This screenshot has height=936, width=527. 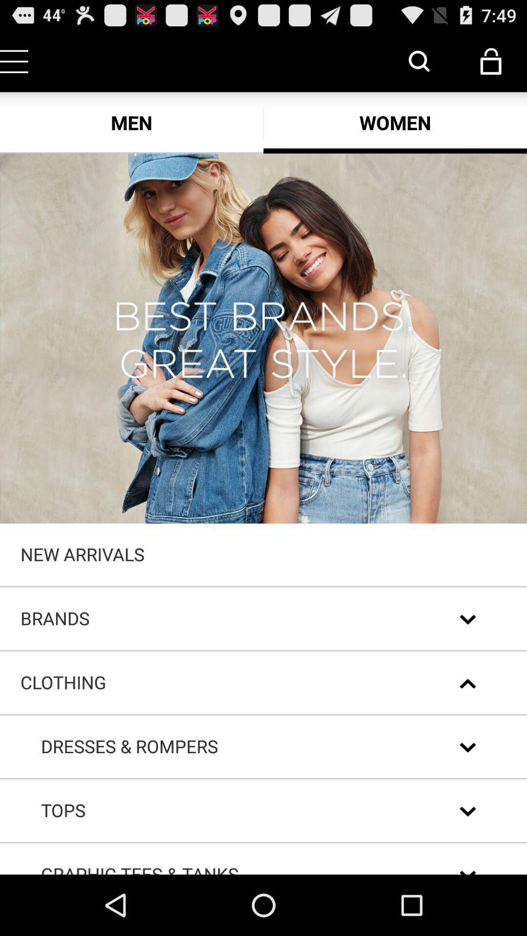 What do you see at coordinates (467, 731) in the screenshot?
I see `the expand_less icon` at bounding box center [467, 731].